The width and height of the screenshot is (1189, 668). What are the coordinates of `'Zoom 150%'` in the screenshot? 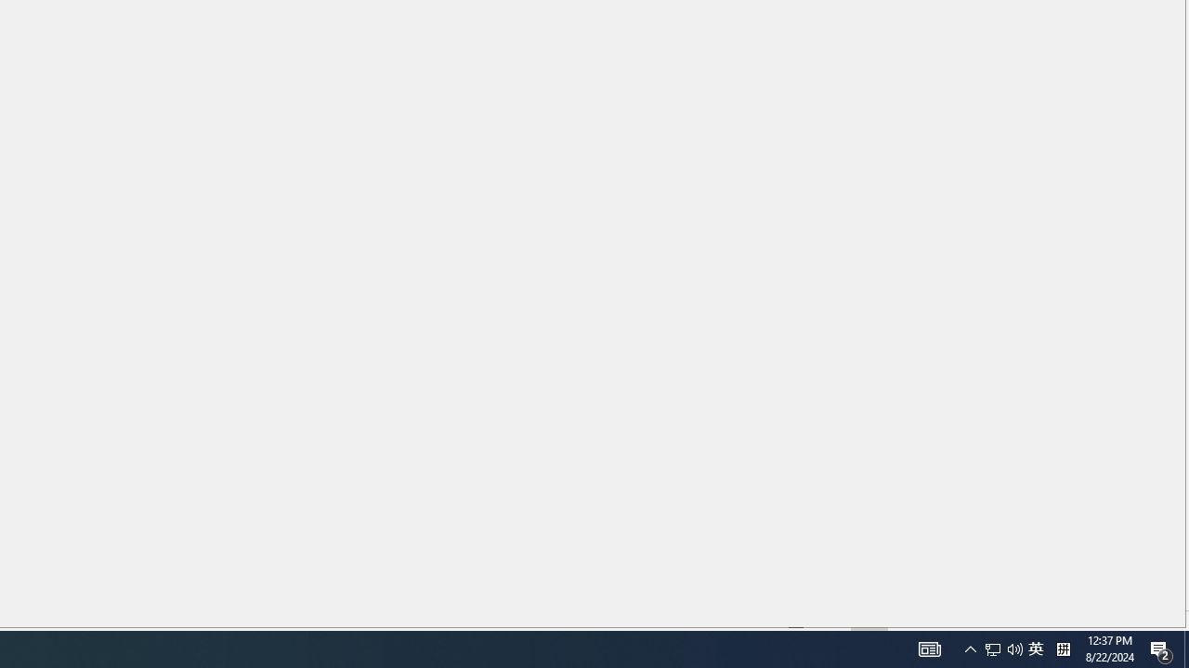 It's located at (1145, 621).